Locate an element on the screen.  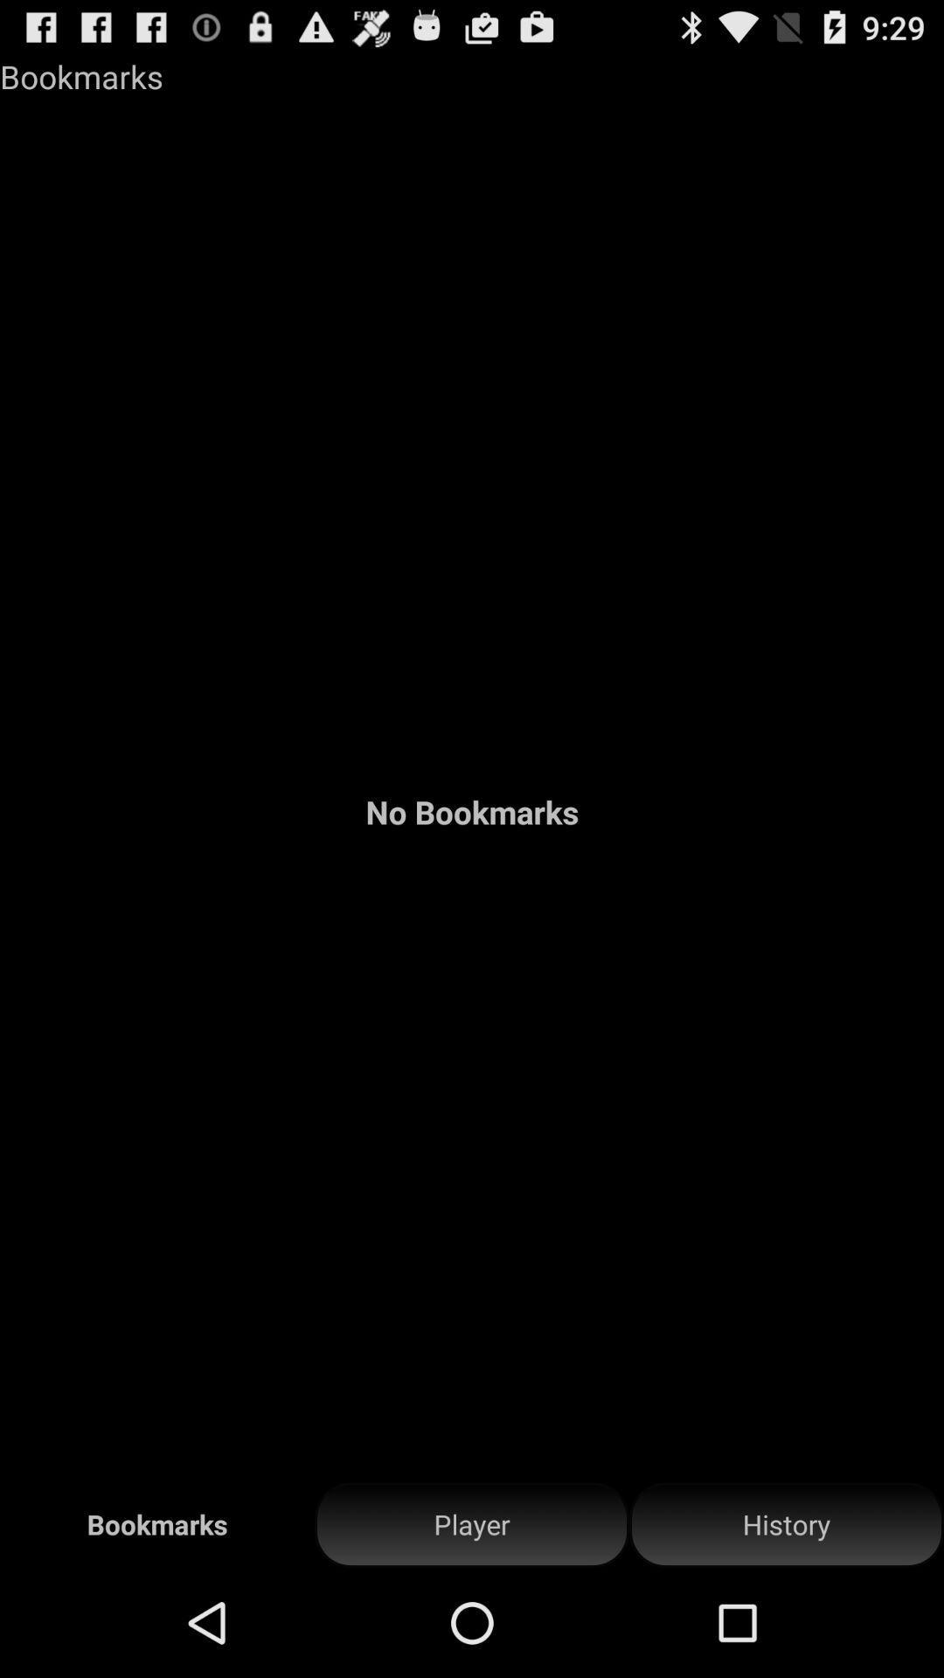
item to the right of the player item is located at coordinates (785, 1524).